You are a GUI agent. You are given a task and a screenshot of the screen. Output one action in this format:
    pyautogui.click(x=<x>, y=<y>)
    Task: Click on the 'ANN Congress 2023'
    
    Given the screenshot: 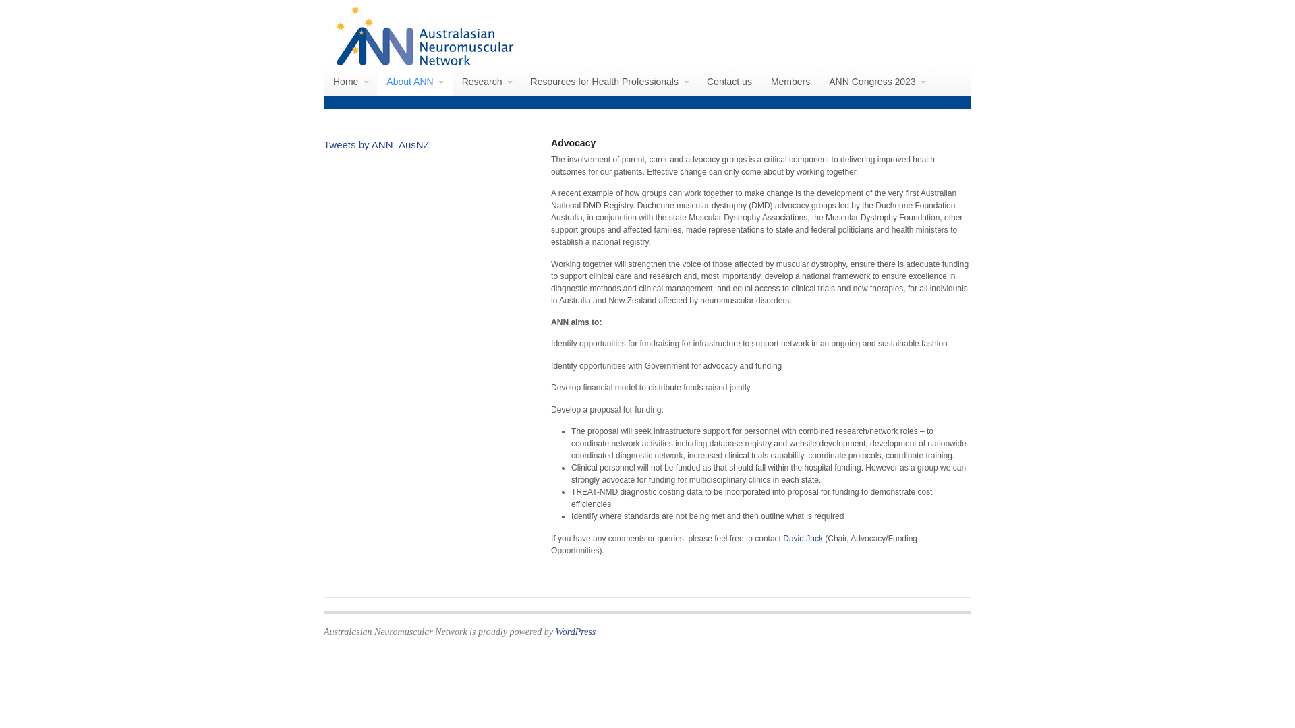 What is the action you would take?
    pyautogui.click(x=877, y=81)
    